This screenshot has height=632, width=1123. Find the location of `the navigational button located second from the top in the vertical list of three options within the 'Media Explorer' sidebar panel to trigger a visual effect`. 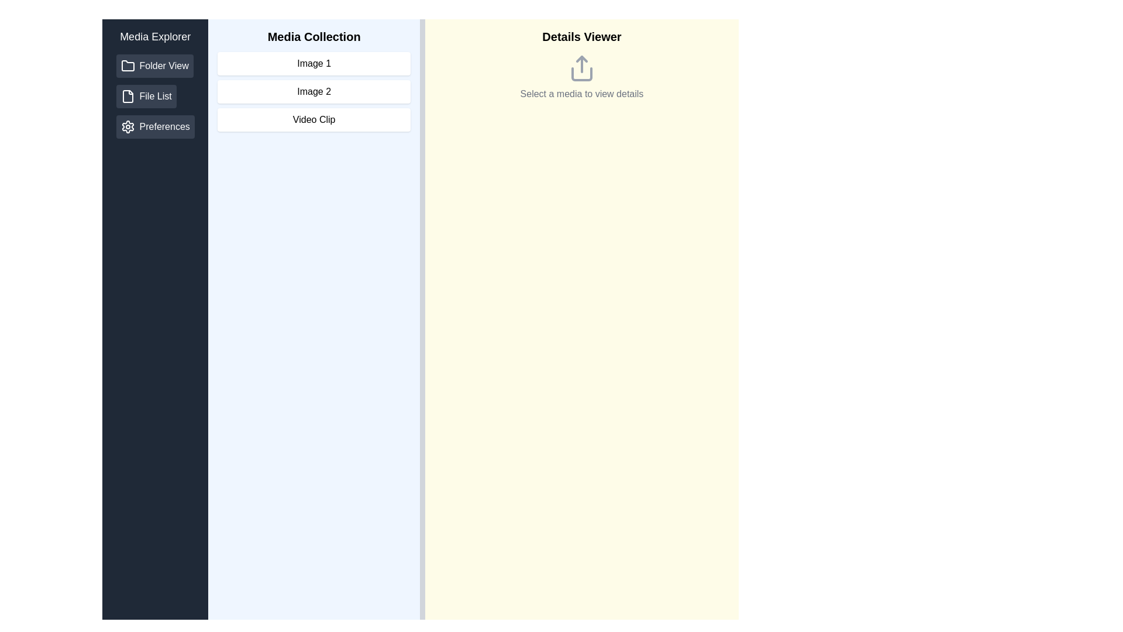

the navigational button located second from the top in the vertical list of three options within the 'Media Explorer' sidebar panel to trigger a visual effect is located at coordinates (146, 96).